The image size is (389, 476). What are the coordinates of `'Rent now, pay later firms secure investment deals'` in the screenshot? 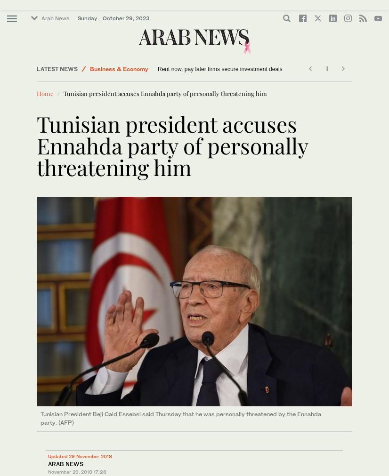 It's located at (219, 68).